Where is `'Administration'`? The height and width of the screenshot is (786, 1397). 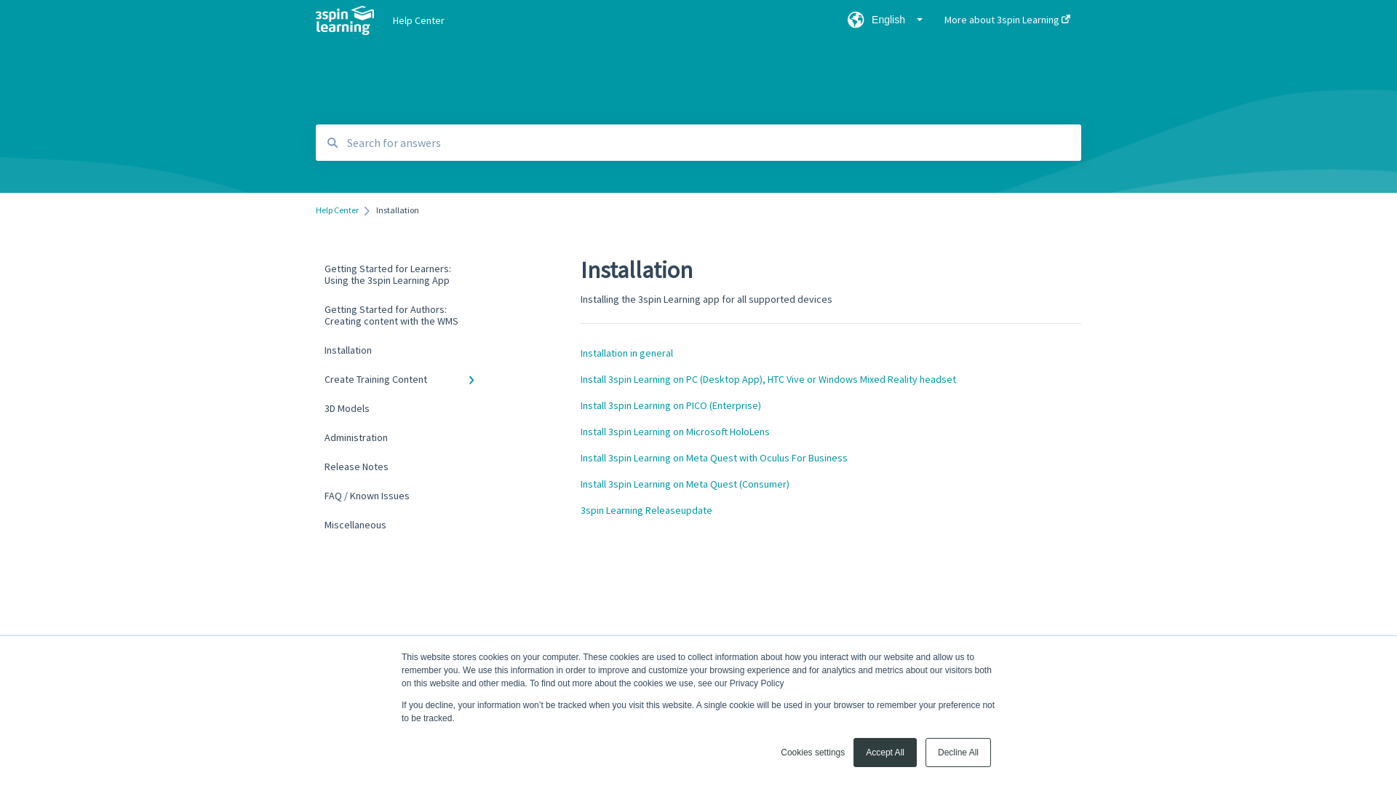 'Administration' is located at coordinates (402, 437).